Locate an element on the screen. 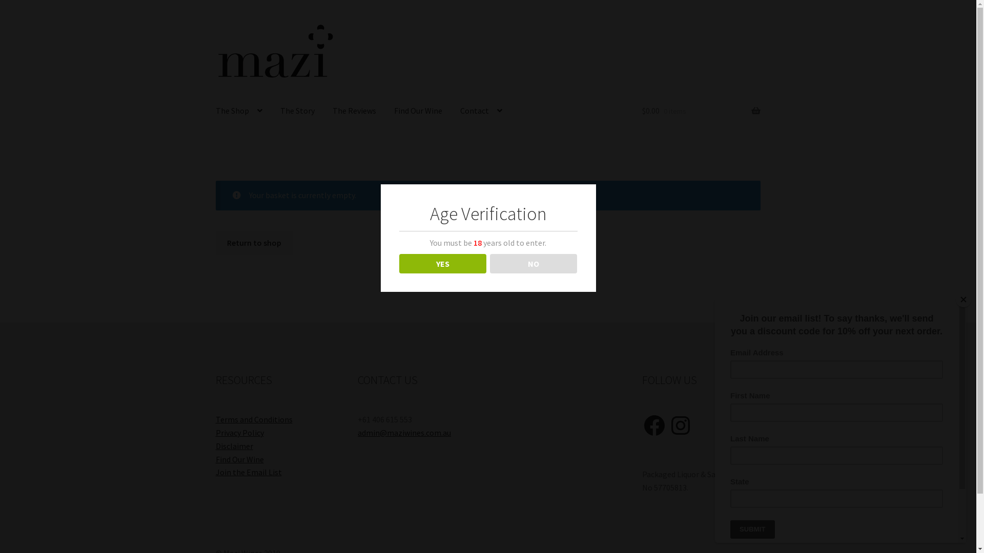  'NO' is located at coordinates (533, 263).